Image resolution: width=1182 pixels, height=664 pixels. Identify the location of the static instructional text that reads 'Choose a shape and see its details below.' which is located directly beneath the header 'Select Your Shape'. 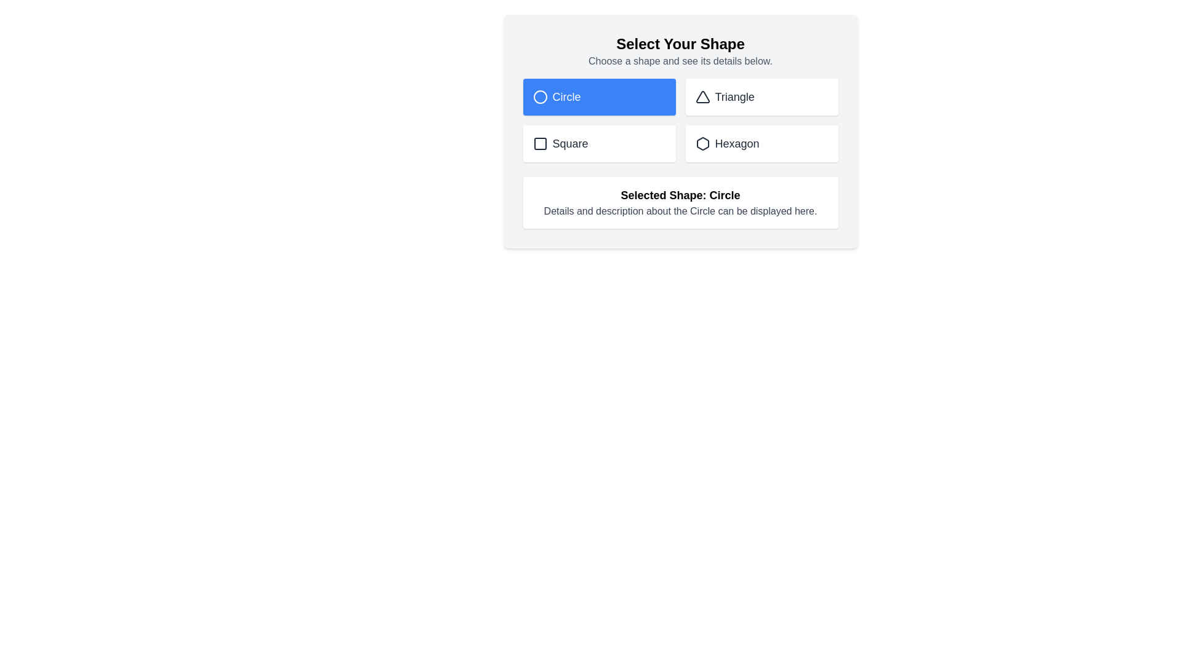
(680, 61).